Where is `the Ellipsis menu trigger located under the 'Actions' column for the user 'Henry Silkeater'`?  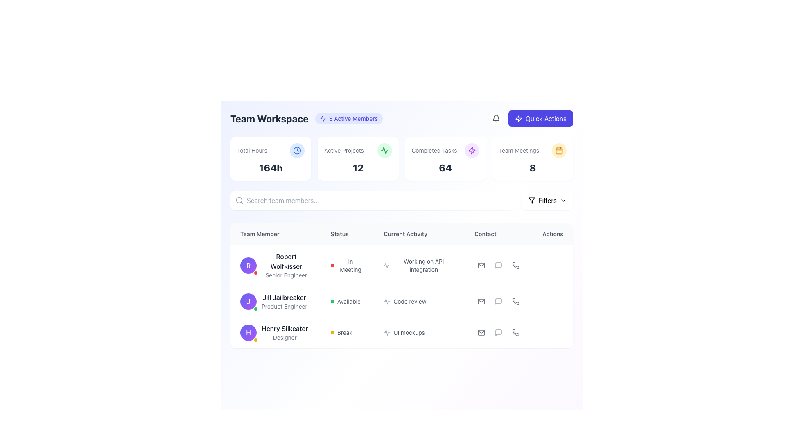
the Ellipsis menu trigger located under the 'Actions' column for the user 'Henry Silkeater' is located at coordinates (553, 333).